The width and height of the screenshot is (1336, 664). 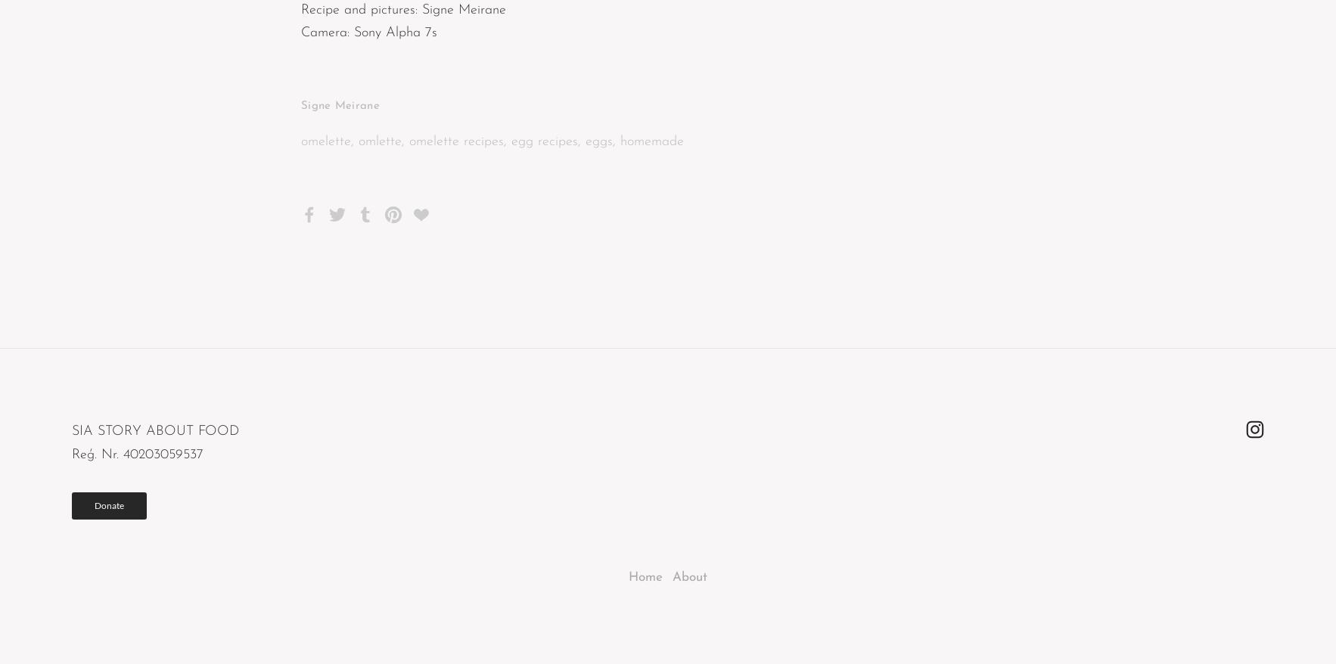 What do you see at coordinates (340, 106) in the screenshot?
I see `'Signe Meirane'` at bounding box center [340, 106].